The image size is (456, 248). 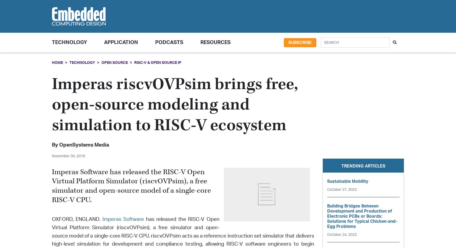 What do you see at coordinates (341, 234) in the screenshot?
I see `'October 24, 2023'` at bounding box center [341, 234].